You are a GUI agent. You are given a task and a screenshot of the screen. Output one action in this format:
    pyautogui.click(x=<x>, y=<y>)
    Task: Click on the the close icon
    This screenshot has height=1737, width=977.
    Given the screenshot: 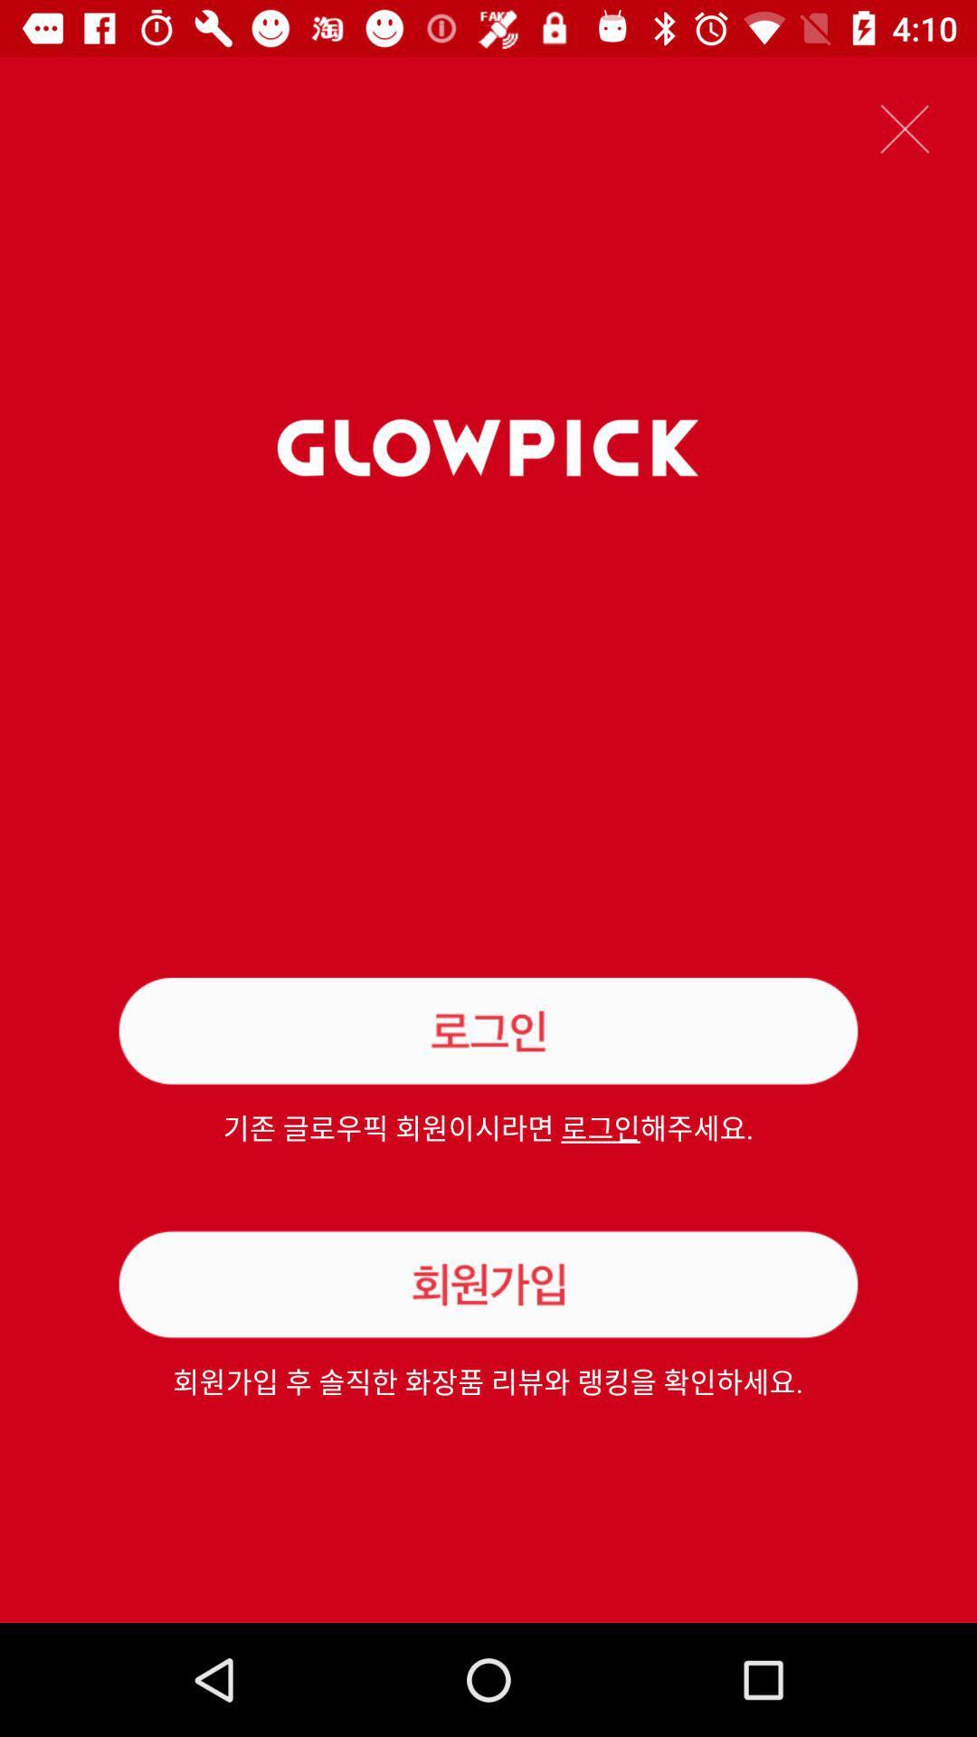 What is the action you would take?
    pyautogui.click(x=905, y=128)
    